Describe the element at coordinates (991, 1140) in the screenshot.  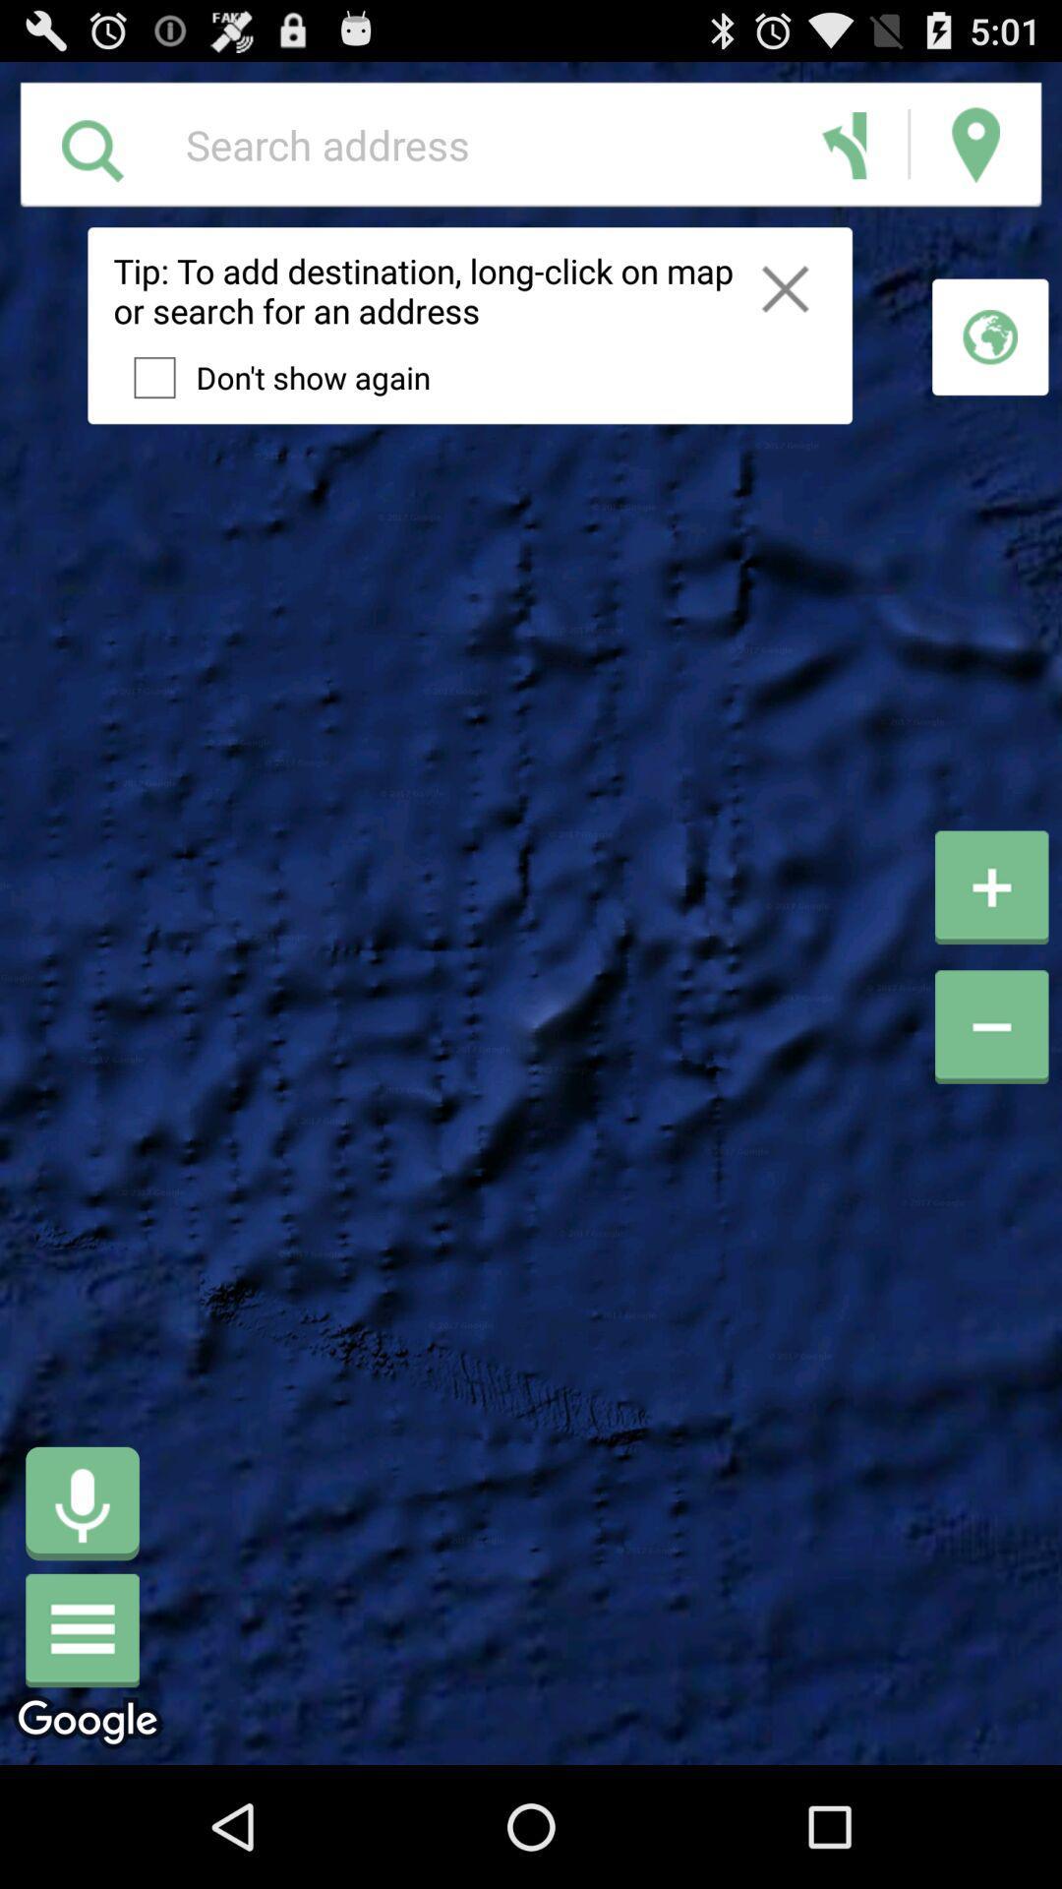
I see `the minus icon` at that location.